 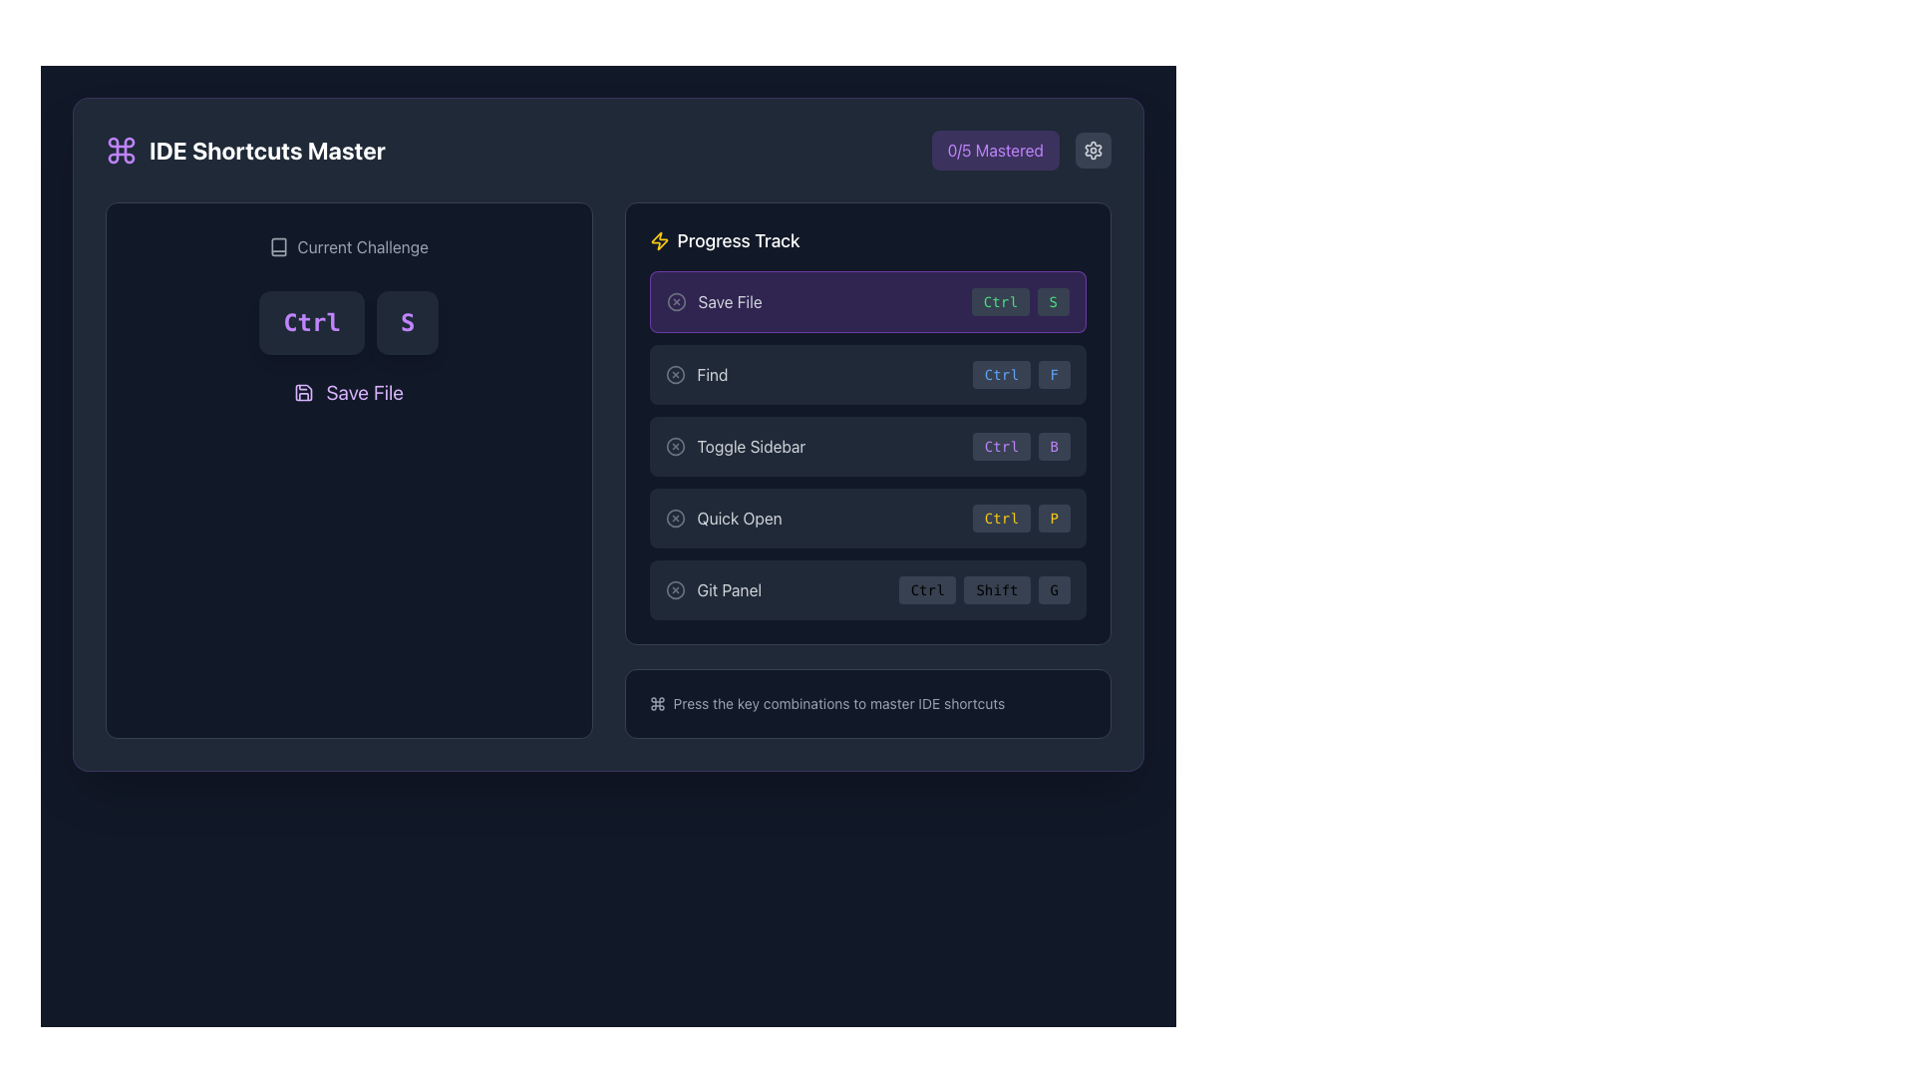 I want to click on text content of the keyboard shortcut label consisting of two buttons labeled 'Ctrl' and 'F', located to the right of the 'Find' label in the 'Progress Track' list, so click(x=1021, y=374).